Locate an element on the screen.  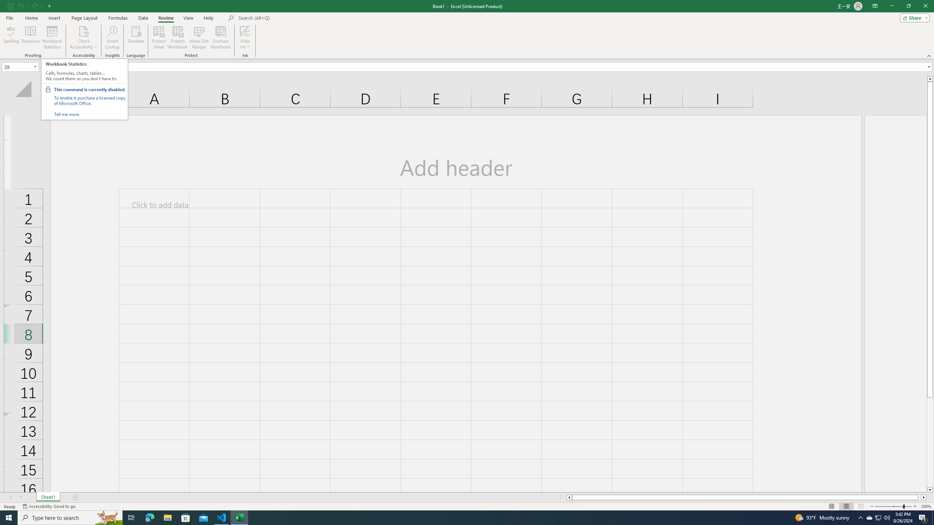
'Workbook Statistics' is located at coordinates (52, 38).